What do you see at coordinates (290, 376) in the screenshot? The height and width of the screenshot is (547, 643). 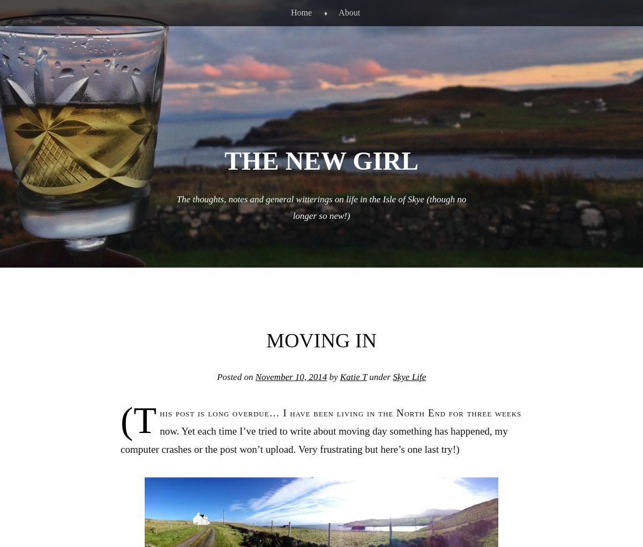 I see `'November 10, 2014'` at bounding box center [290, 376].